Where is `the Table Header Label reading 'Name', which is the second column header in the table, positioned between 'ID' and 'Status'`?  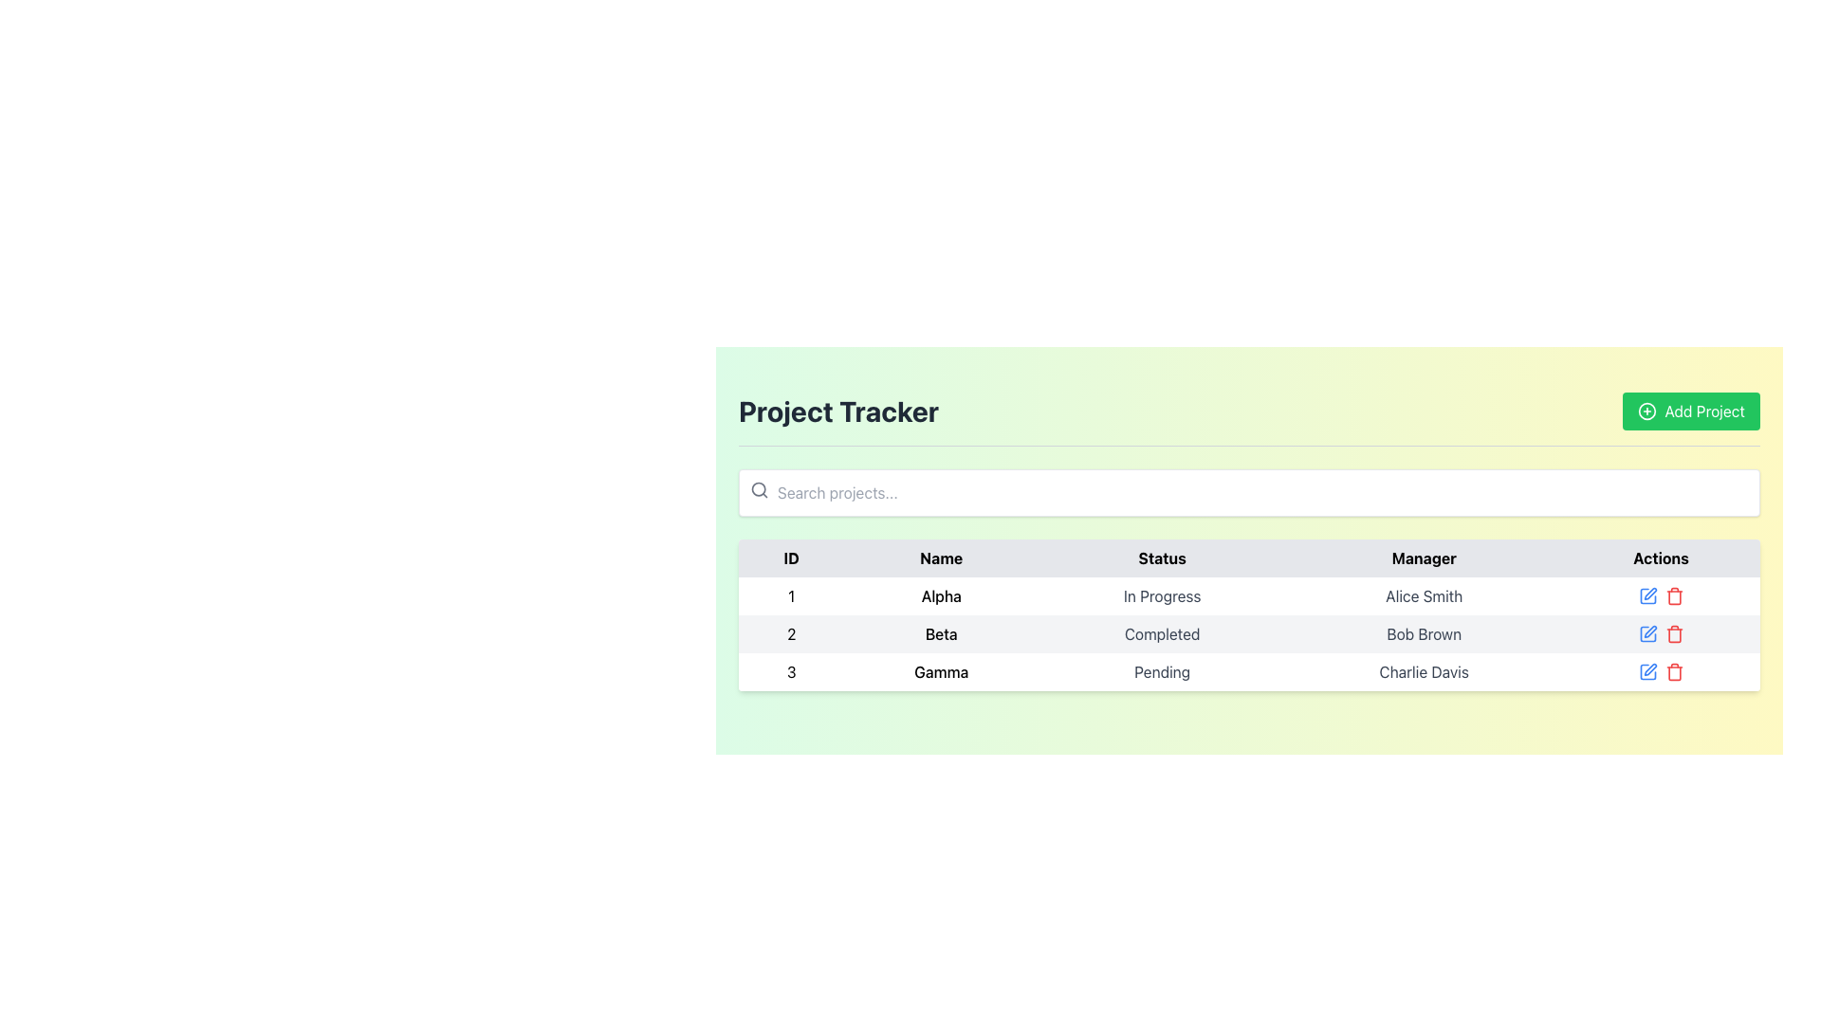 the Table Header Label reading 'Name', which is the second column header in the table, positioned between 'ID' and 'Status' is located at coordinates (941, 558).